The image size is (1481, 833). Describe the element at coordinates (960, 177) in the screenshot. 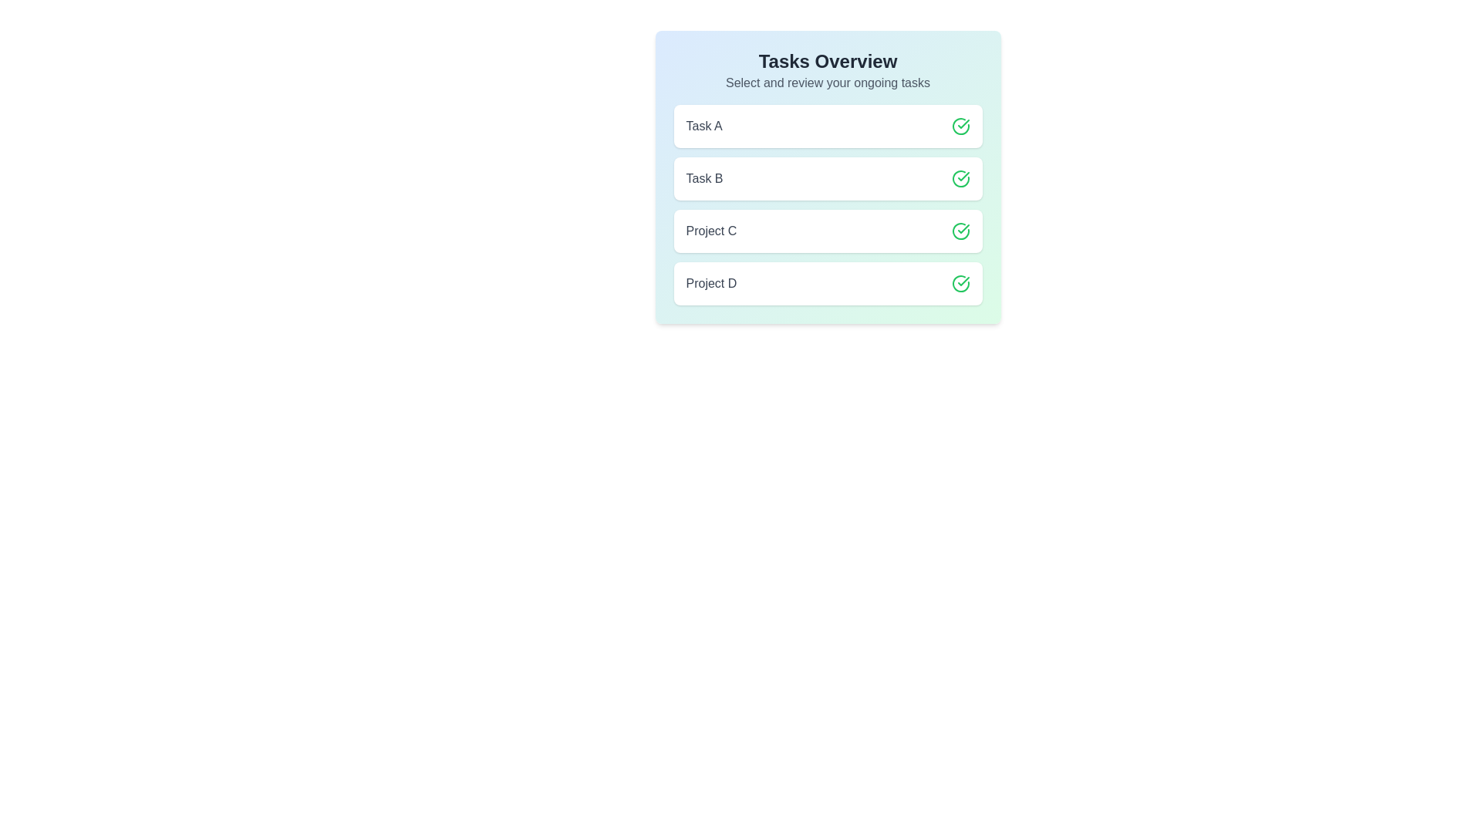

I see `the check icon for the item Task B` at that location.